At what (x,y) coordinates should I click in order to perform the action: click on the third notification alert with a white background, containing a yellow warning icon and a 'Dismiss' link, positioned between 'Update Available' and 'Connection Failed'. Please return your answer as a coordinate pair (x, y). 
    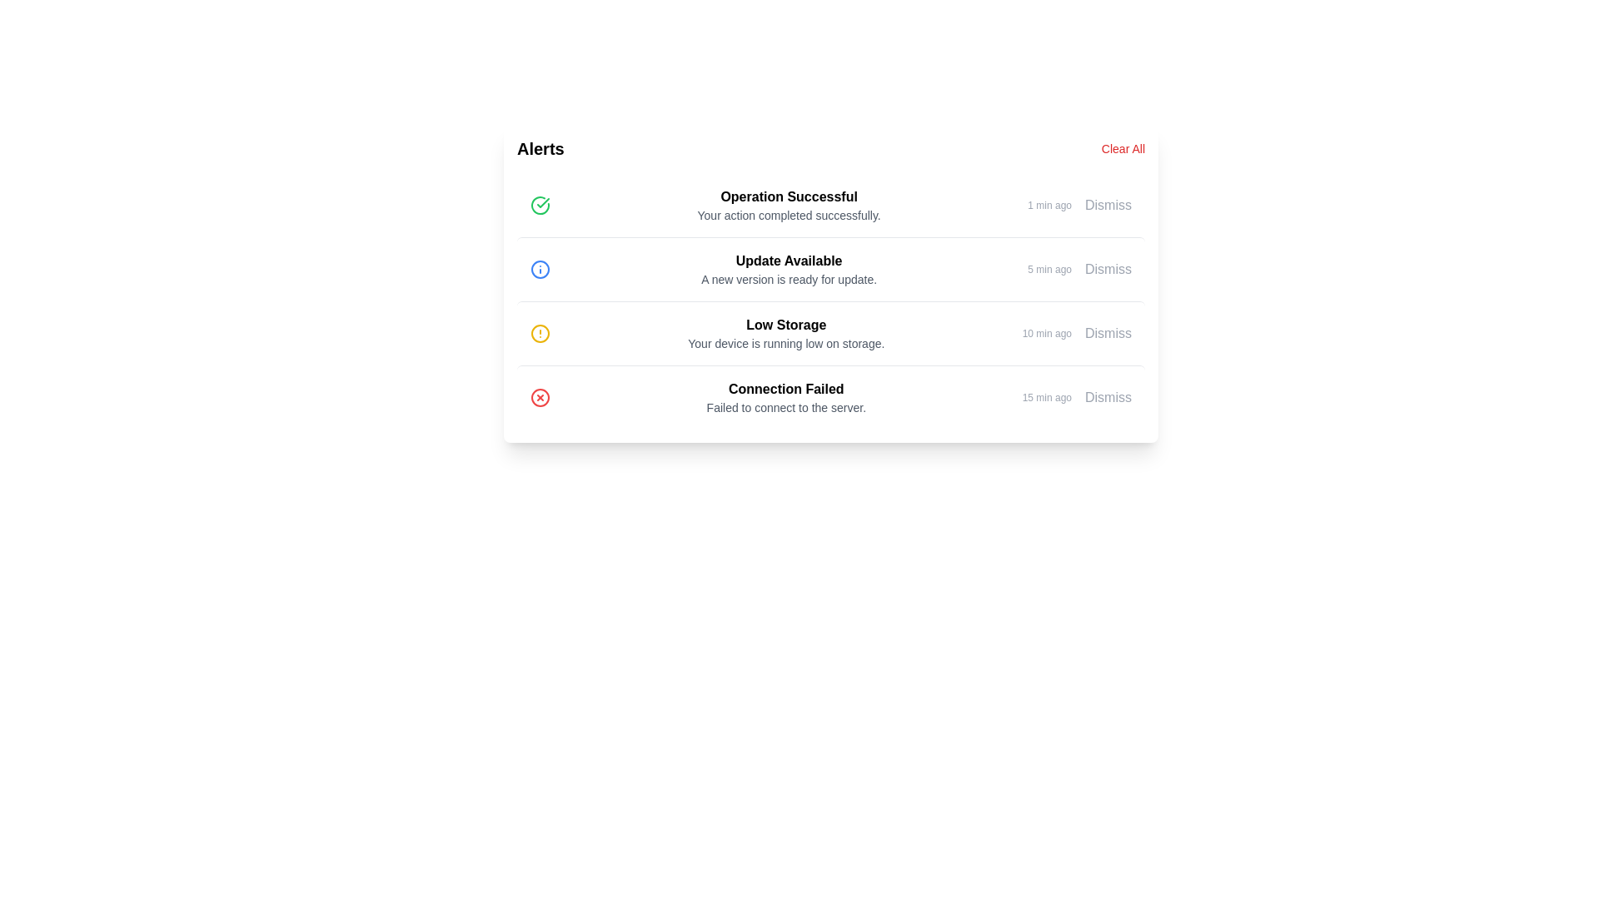
    Looking at the image, I should click on (831, 333).